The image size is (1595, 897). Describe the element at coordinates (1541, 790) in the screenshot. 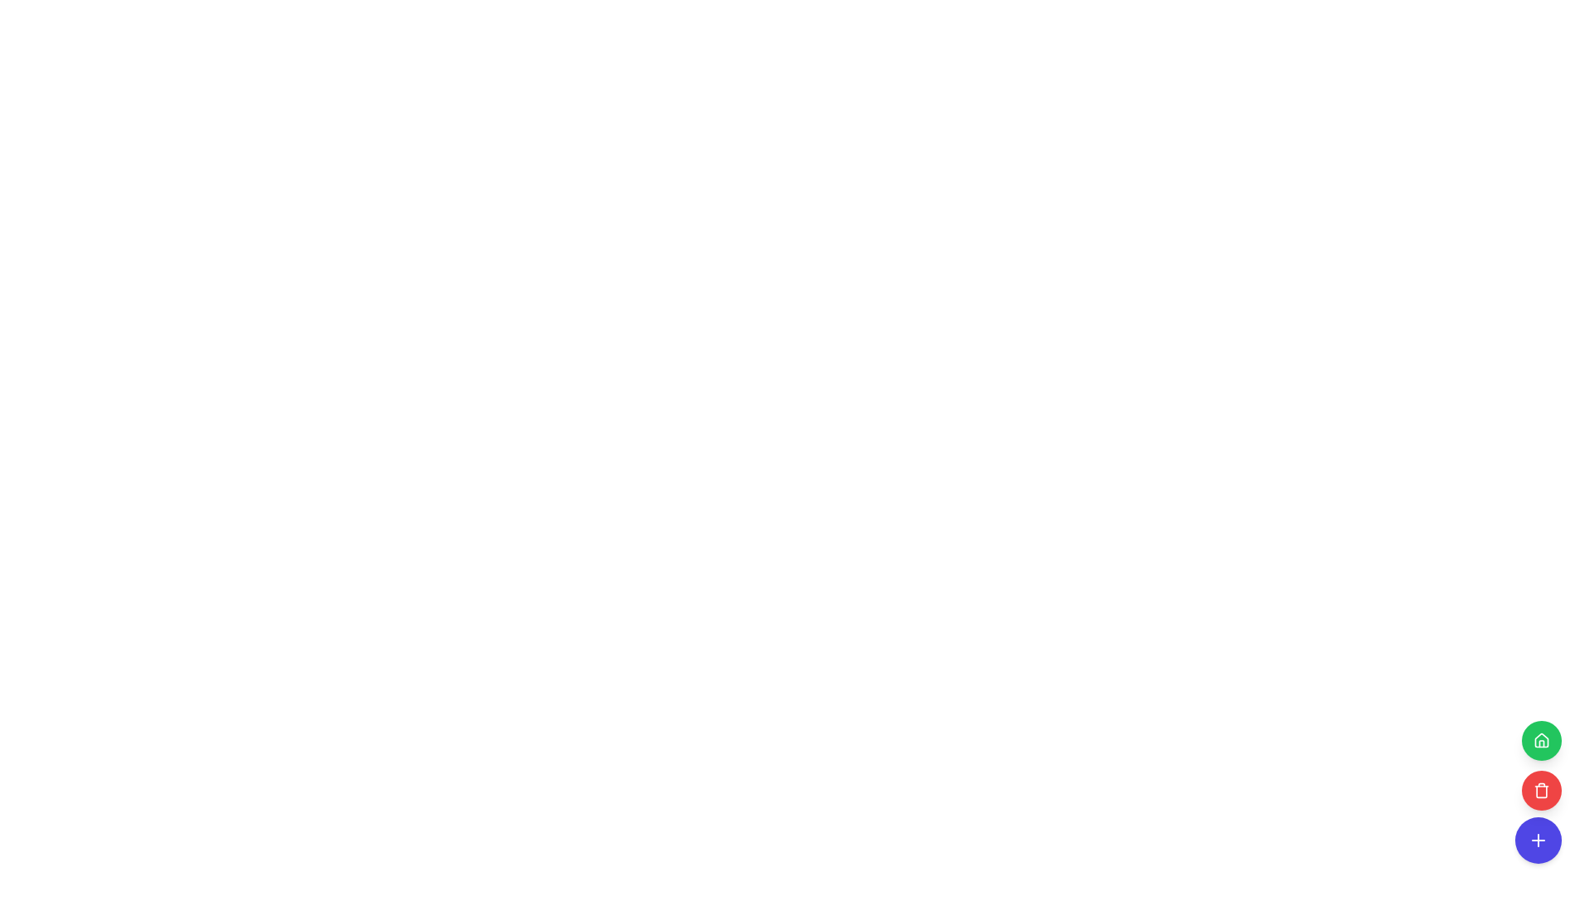

I see `the trash button located in the bottom-right corner of the interface, which is the second button in a vertical stack` at that location.